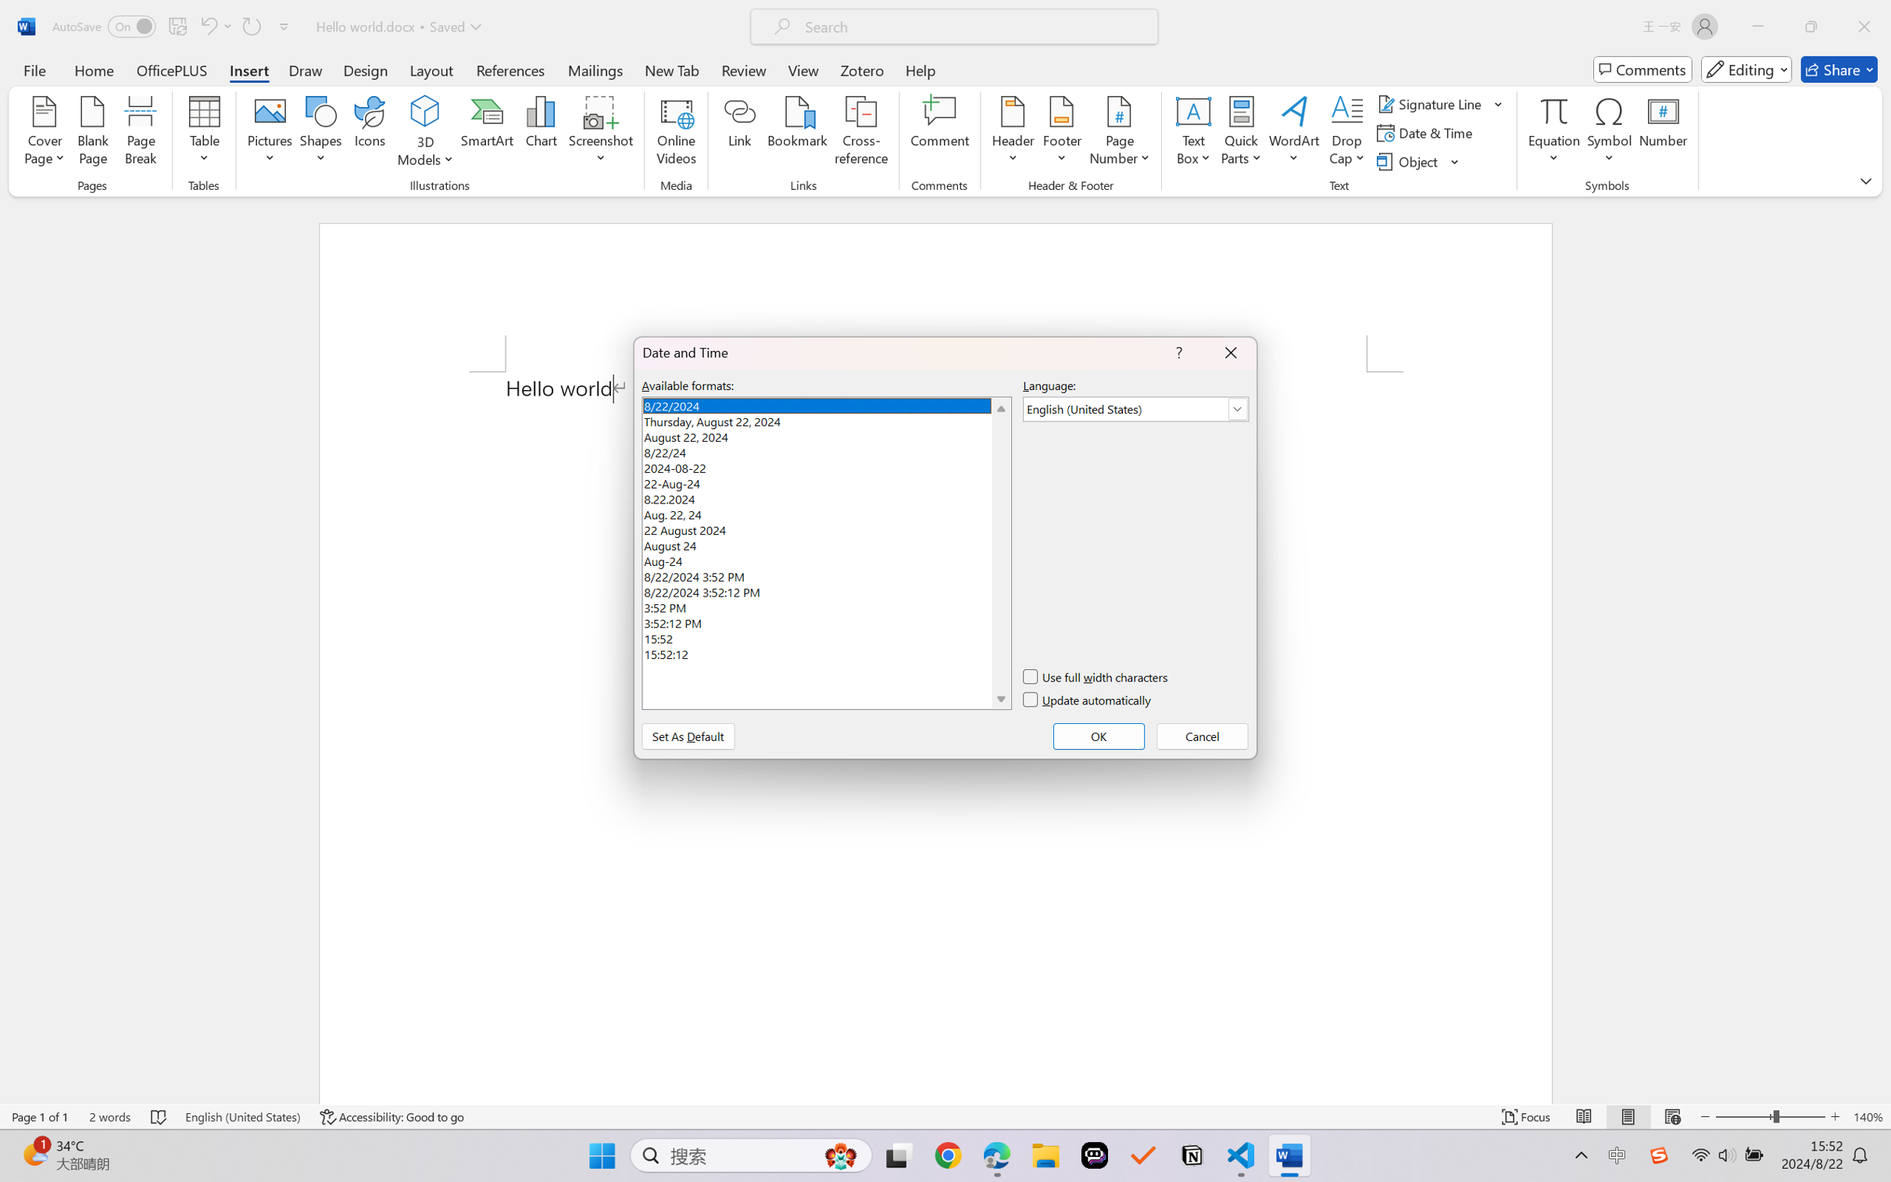  What do you see at coordinates (825, 653) in the screenshot?
I see `'15:52:12'` at bounding box center [825, 653].